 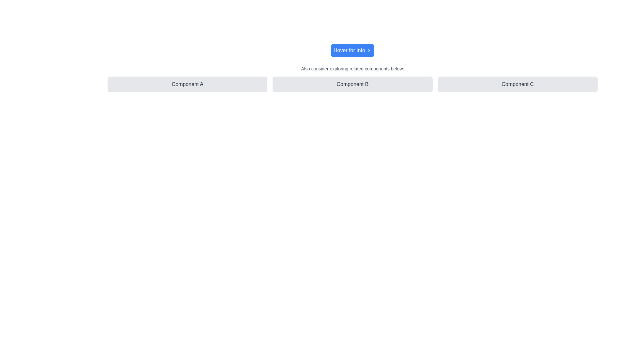 What do you see at coordinates (352, 84) in the screenshot?
I see `the middle button labeled 'Component B' with a light-gray background and rounded corners to change its appearance` at bounding box center [352, 84].